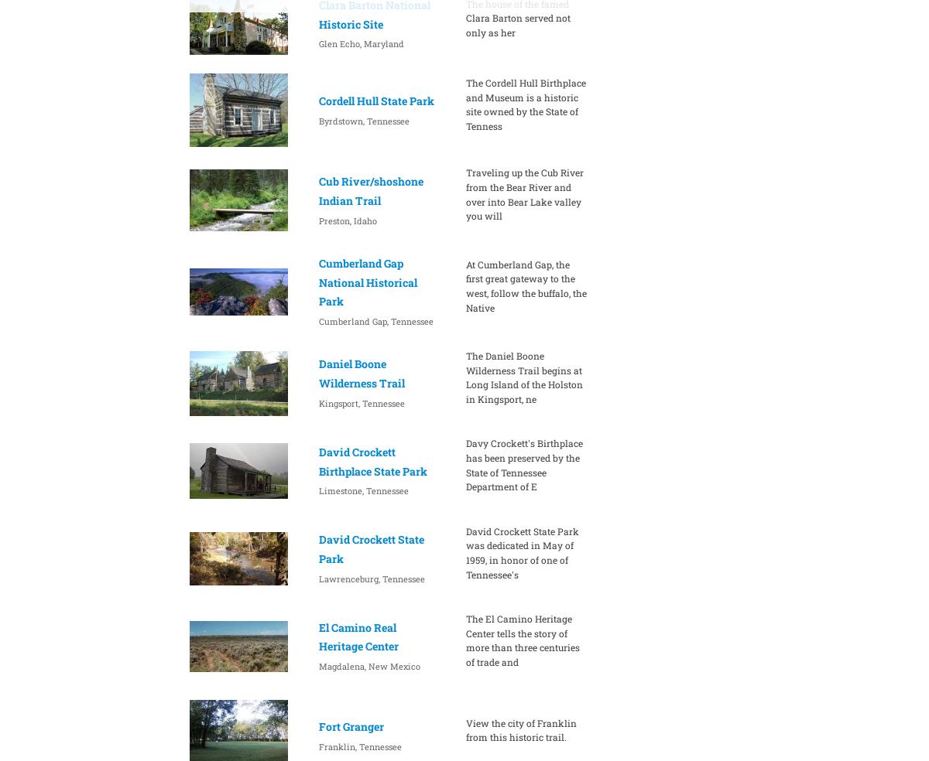 The height and width of the screenshot is (761, 929). What do you see at coordinates (522, 551) in the screenshot?
I see `'David Crockett State Park was dedicated in May of 1959, in honor of one of Tennessee's'` at bounding box center [522, 551].